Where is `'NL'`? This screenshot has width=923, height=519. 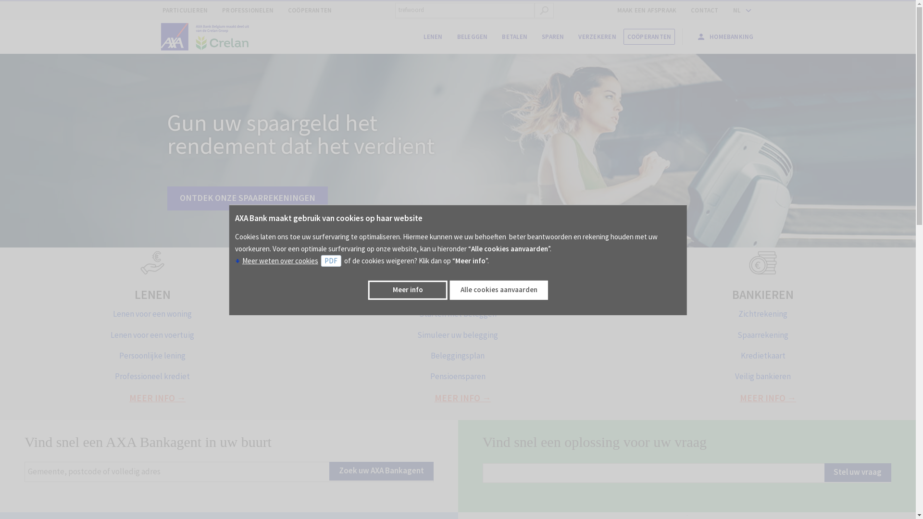 'NL' is located at coordinates (740, 11).